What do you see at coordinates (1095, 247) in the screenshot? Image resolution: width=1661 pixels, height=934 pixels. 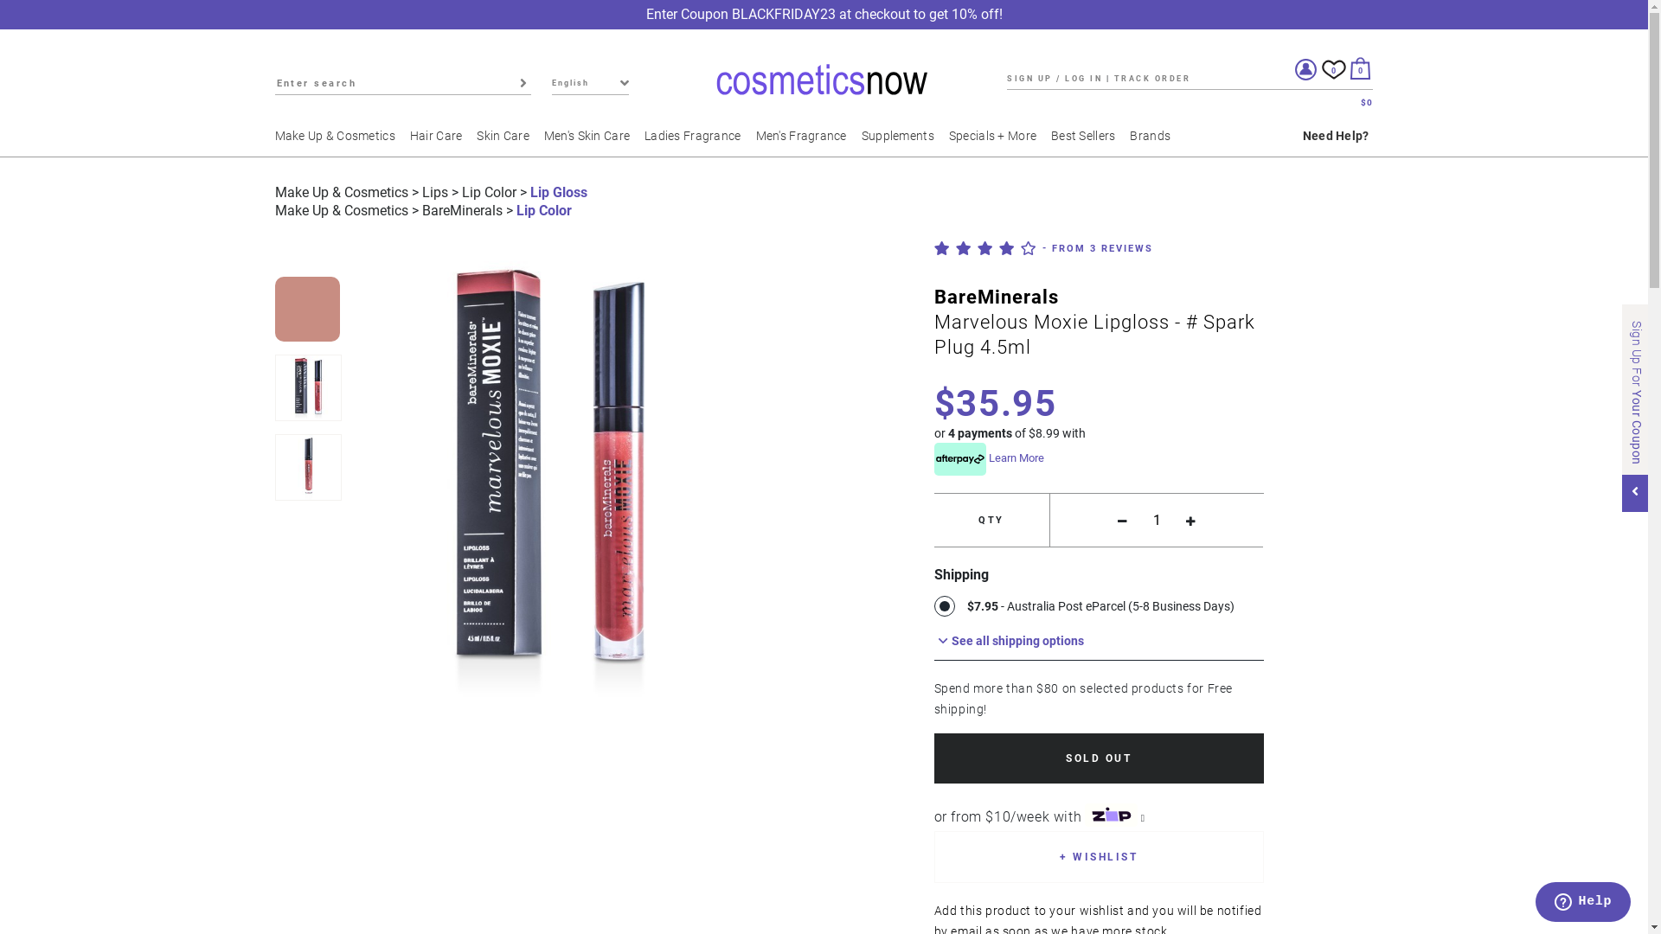 I see `'FROM 3 REVIEWS'` at bounding box center [1095, 247].